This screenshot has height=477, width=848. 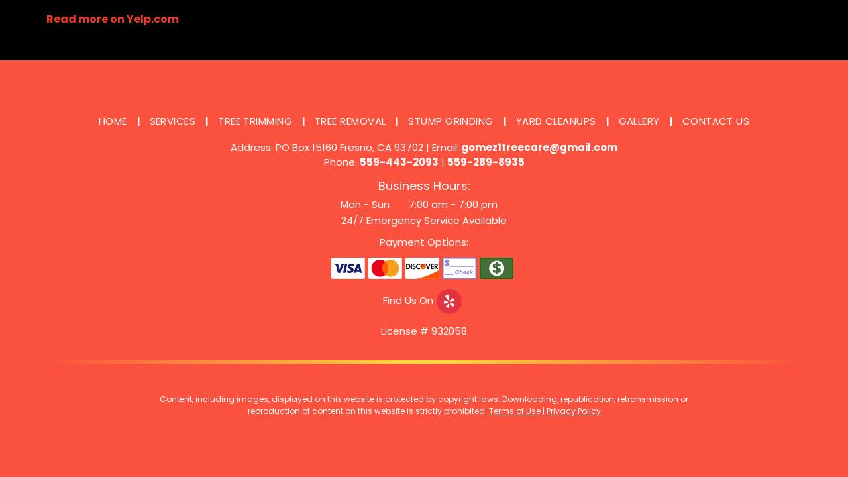 What do you see at coordinates (450, 121) in the screenshot?
I see `'STUMP GRINDING'` at bounding box center [450, 121].